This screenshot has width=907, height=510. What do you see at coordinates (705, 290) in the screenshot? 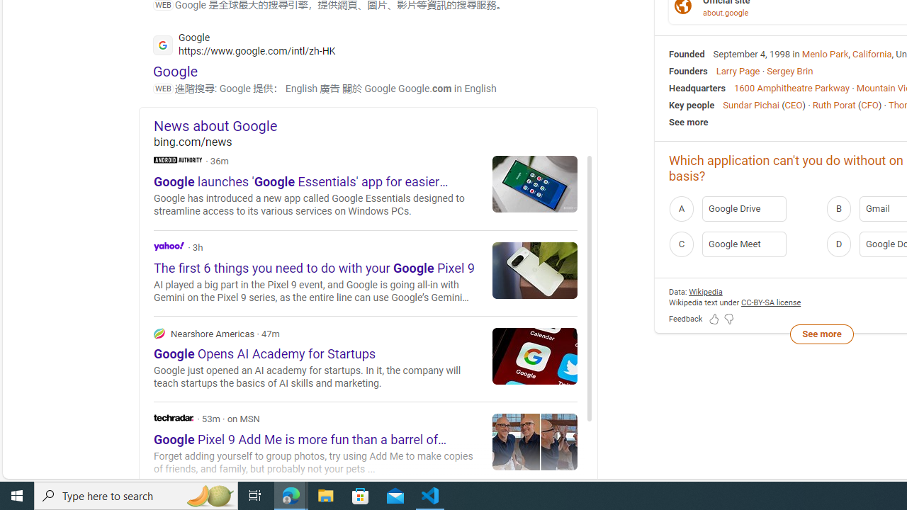
I see `'Data attribution Wikipedia'` at bounding box center [705, 290].